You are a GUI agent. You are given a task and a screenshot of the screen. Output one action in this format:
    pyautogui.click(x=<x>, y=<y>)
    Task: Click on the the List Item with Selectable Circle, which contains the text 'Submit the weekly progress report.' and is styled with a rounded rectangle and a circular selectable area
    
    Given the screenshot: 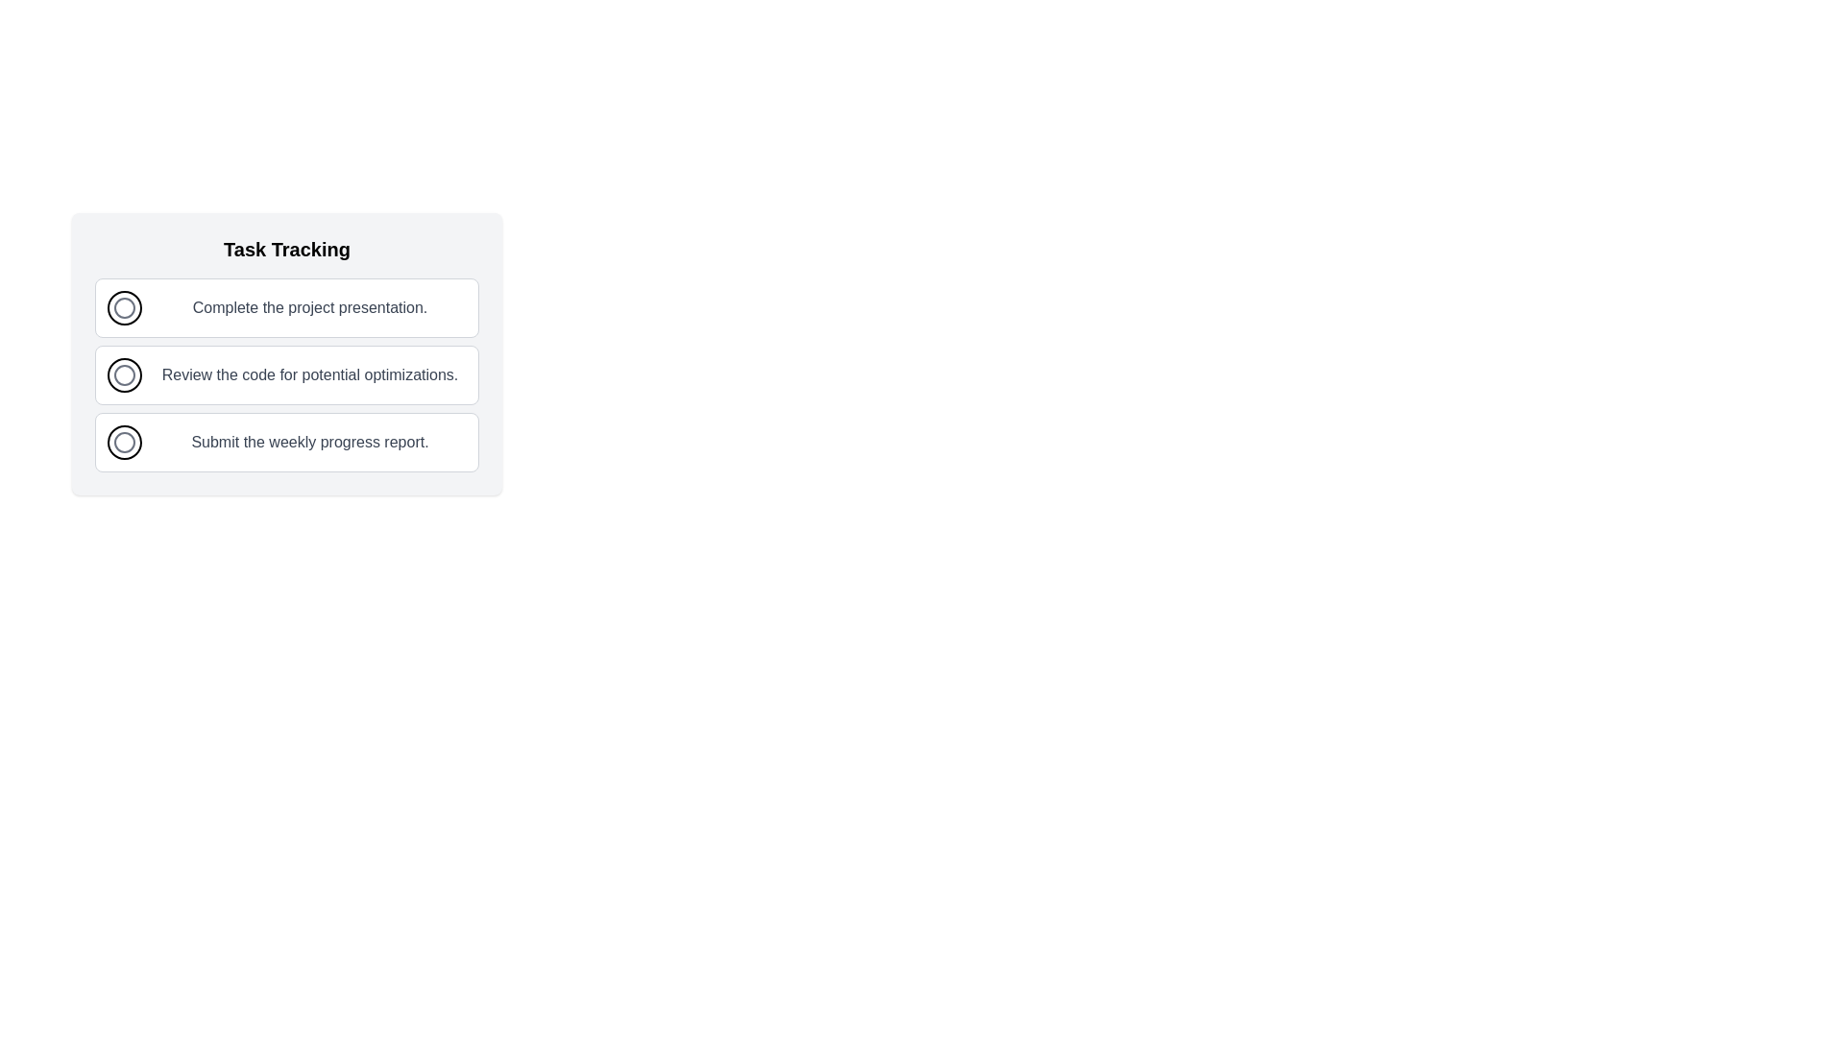 What is the action you would take?
    pyautogui.click(x=285, y=443)
    